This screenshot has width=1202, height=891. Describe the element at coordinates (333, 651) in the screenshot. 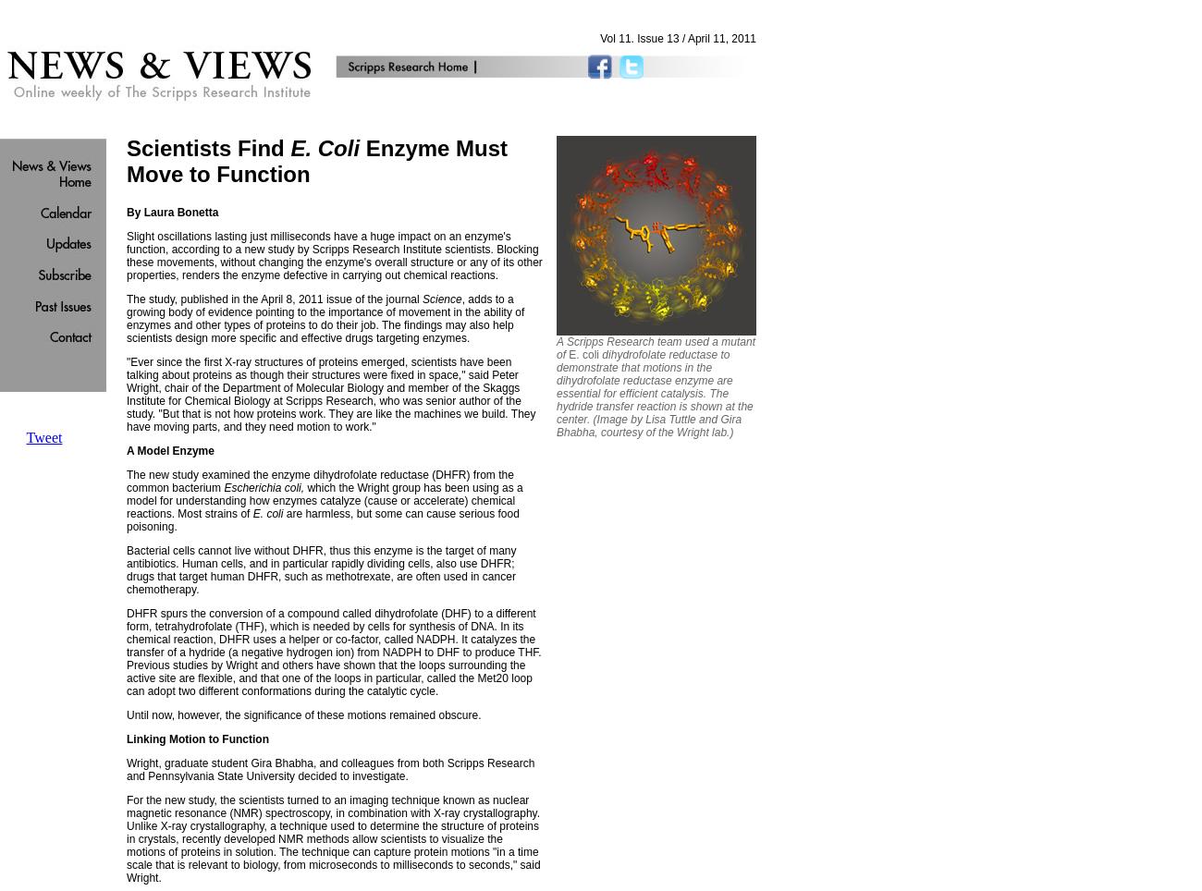

I see `'DHFR spurs the conversion of a compound called dihydrofolate (DHF) to a different form, tetrahydrofolate (THF), which is needed by cells for synthesis of DNA. In its chemical reaction, DHFR uses a helper or co-factor, called NADPH. It catalyzes the transfer of a hydride (a negative hydrogen ion) from NADPH to DHF to produce THF. Previous studies by Wright and others have shown that the loops surrounding the active site are flexible, and that one of the loops in particular, called the Met20 loop can adopt two different conformations during the catalytic cycle.'` at that location.